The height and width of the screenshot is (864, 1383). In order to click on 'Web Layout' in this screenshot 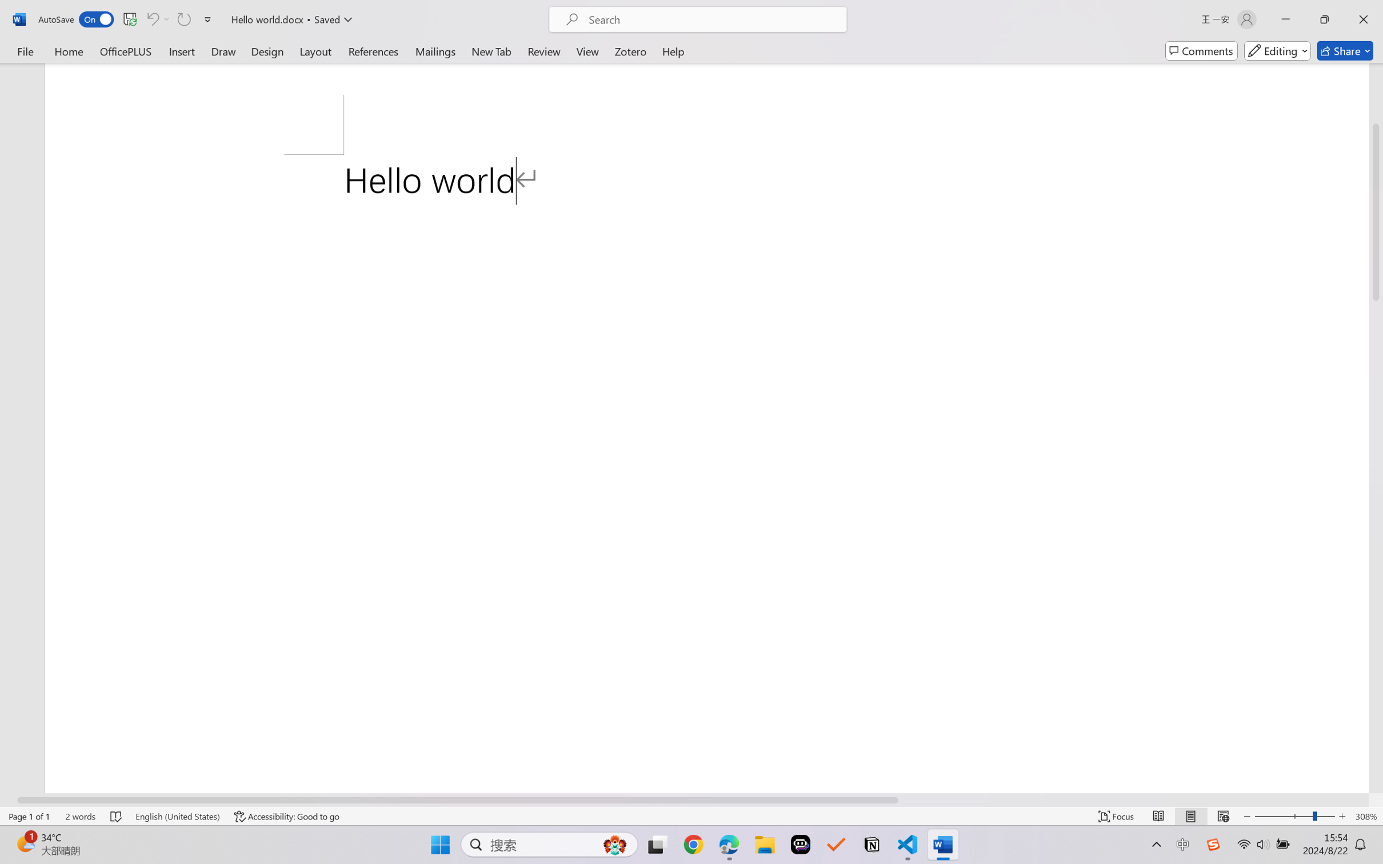, I will do `click(1222, 816)`.